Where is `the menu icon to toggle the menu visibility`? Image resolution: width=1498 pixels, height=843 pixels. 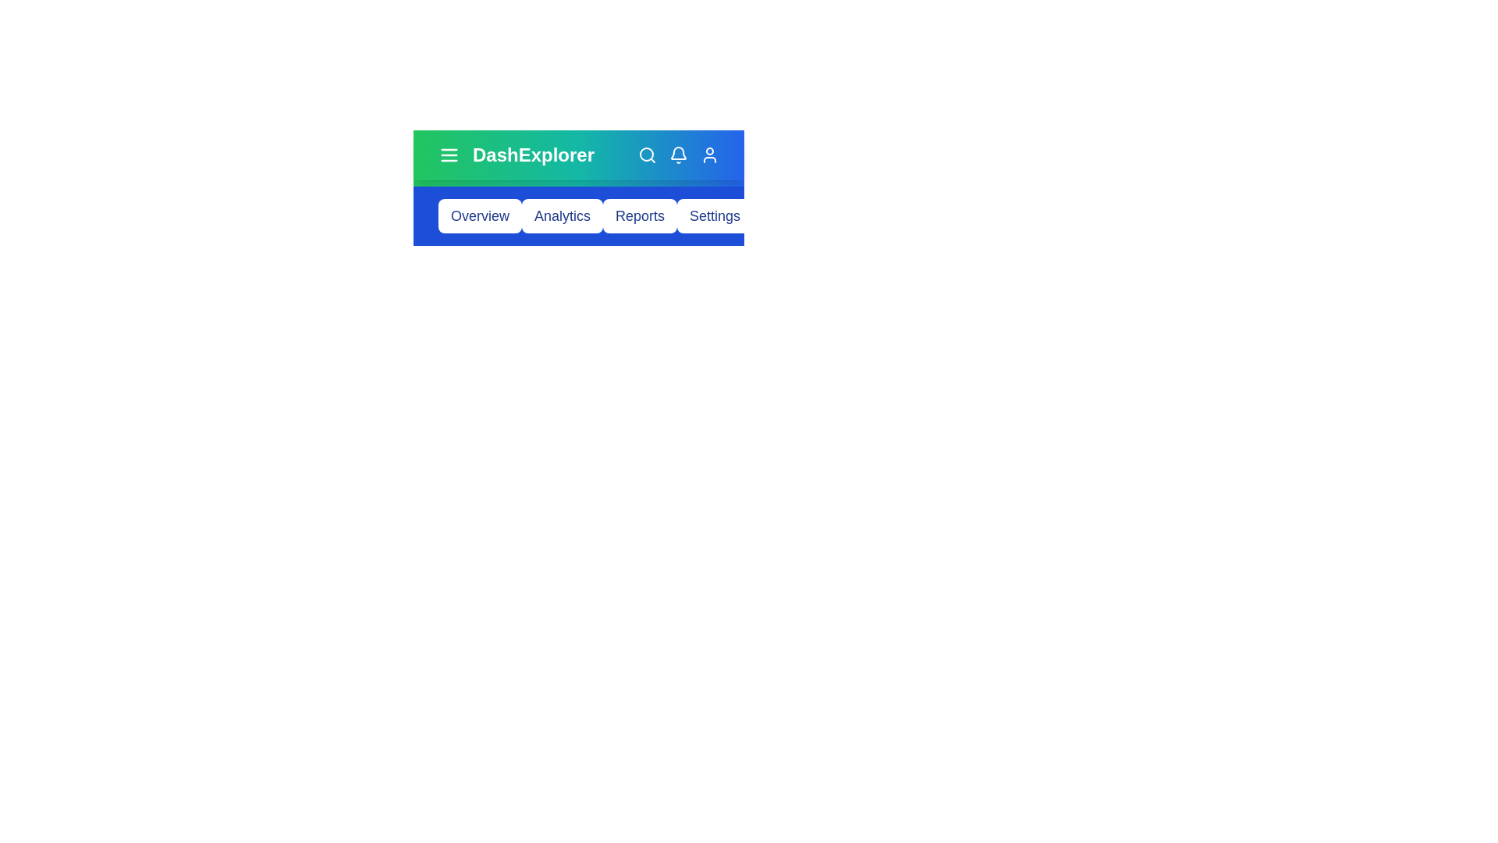
the menu icon to toggle the menu visibility is located at coordinates (449, 155).